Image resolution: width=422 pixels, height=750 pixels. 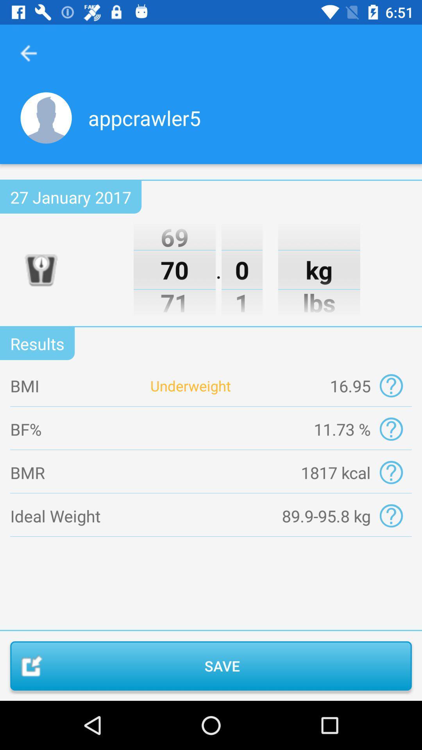 What do you see at coordinates (391, 429) in the screenshot?
I see `extra information` at bounding box center [391, 429].